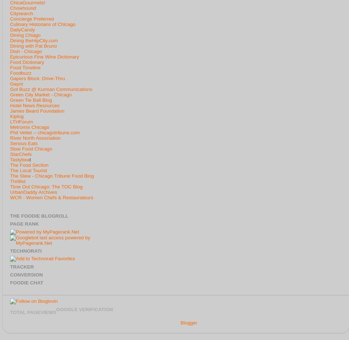  What do you see at coordinates (196, 322) in the screenshot?
I see `'.'` at bounding box center [196, 322].